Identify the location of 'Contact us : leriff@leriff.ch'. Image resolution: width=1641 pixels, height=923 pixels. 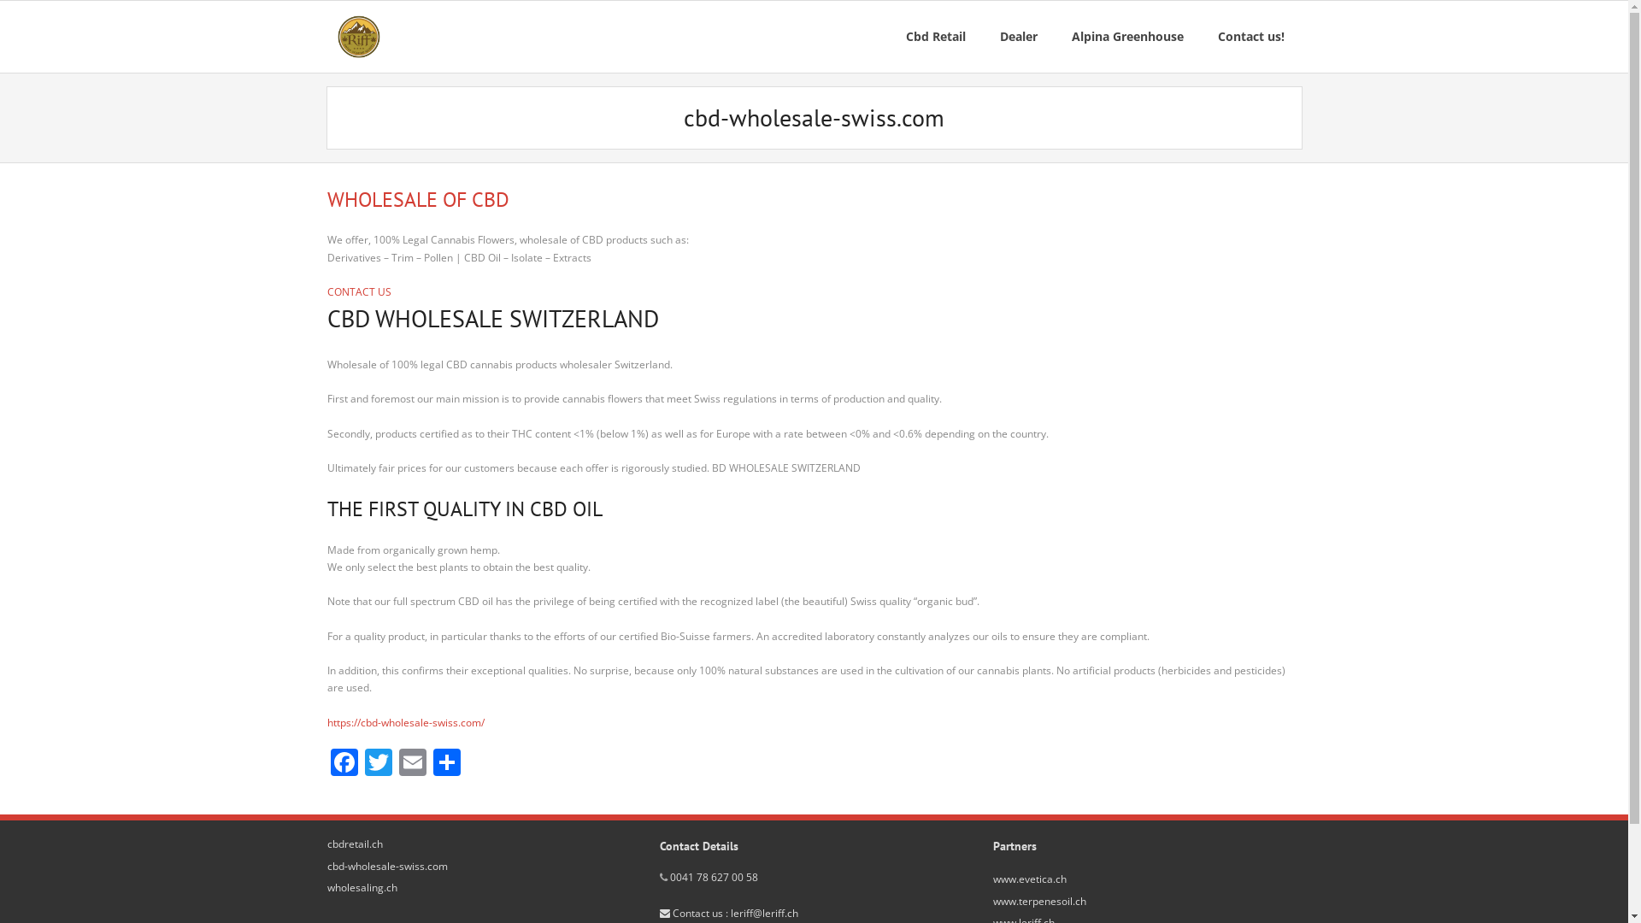
(729, 912).